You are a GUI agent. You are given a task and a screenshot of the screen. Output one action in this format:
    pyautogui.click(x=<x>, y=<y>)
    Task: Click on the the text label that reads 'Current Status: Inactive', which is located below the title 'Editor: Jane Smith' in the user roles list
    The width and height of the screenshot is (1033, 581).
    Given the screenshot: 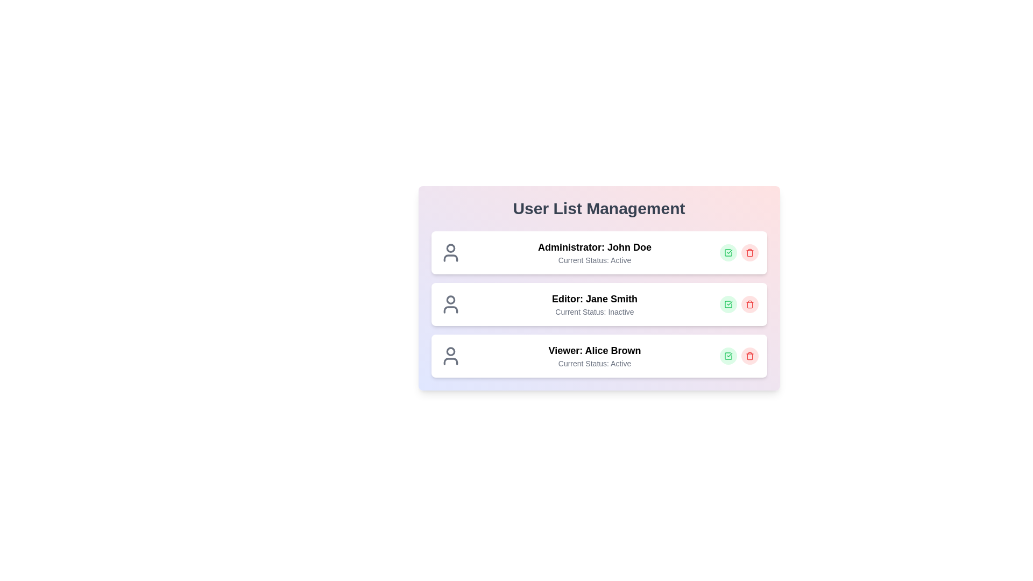 What is the action you would take?
    pyautogui.click(x=594, y=311)
    